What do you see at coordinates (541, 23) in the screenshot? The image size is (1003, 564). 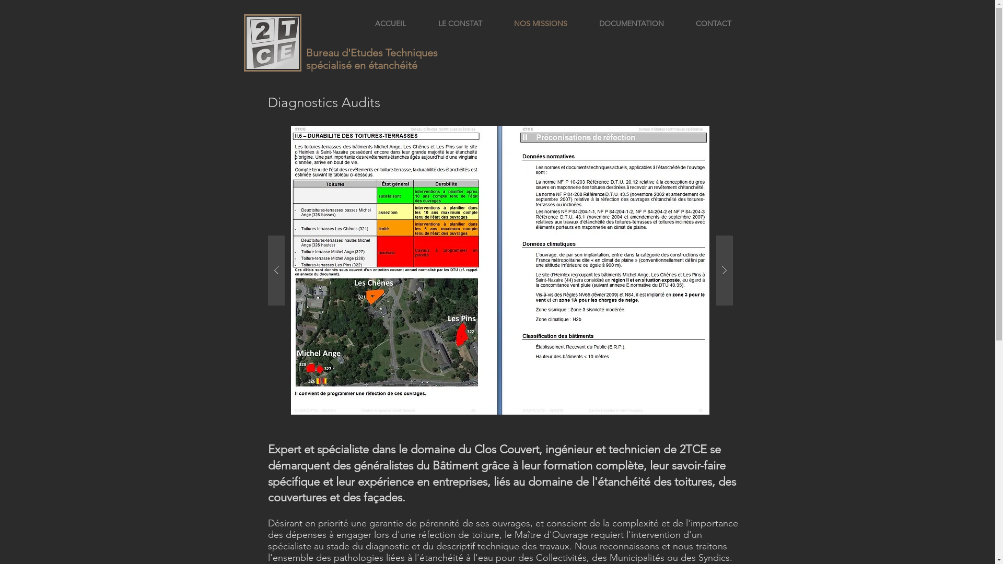 I see `'NOS MISSIONS'` at bounding box center [541, 23].